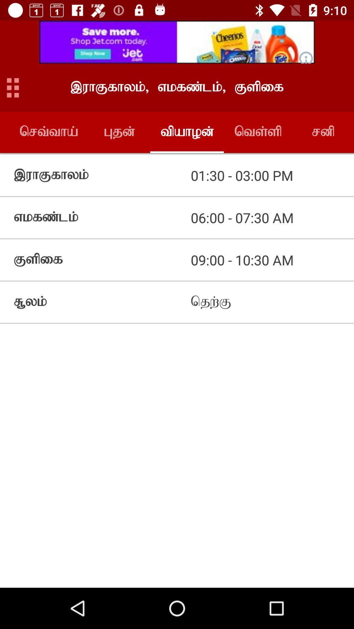 Image resolution: width=354 pixels, height=629 pixels. Describe the element at coordinates (13, 87) in the screenshot. I see `open menu` at that location.